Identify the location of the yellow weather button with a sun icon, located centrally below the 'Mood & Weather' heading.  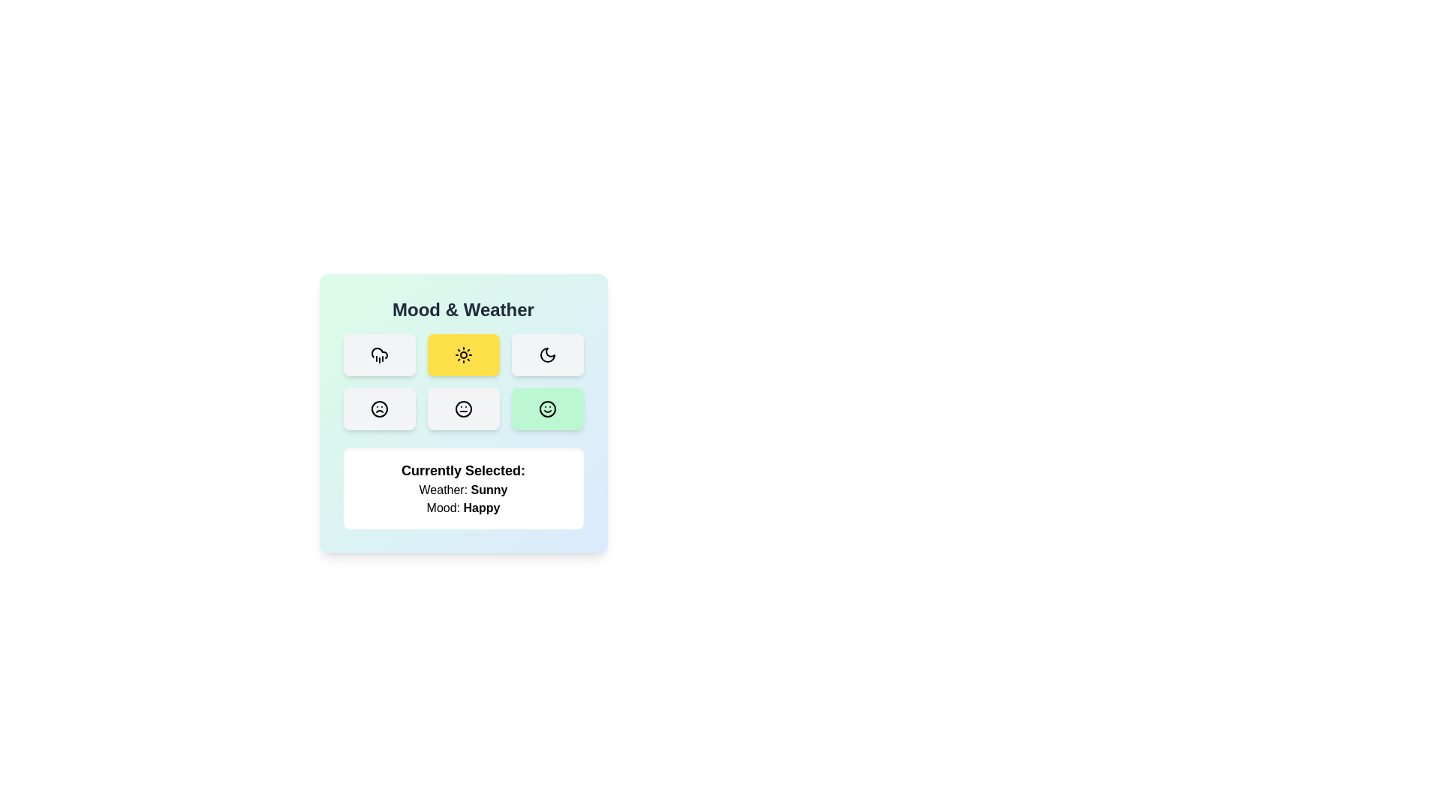
(462, 355).